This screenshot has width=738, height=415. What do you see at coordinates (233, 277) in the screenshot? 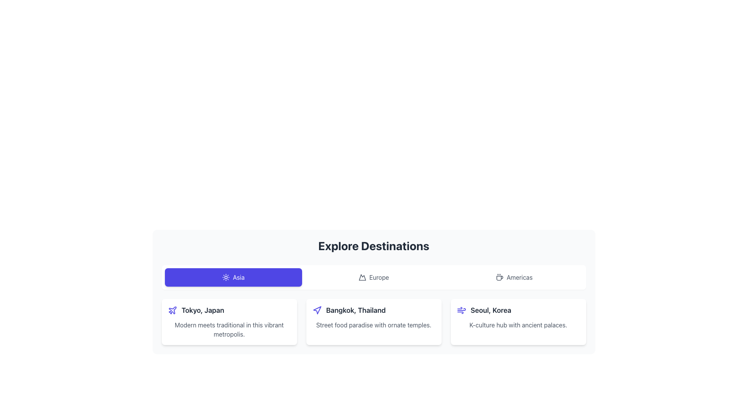
I see `the first button labeled 'Asia'` at bounding box center [233, 277].